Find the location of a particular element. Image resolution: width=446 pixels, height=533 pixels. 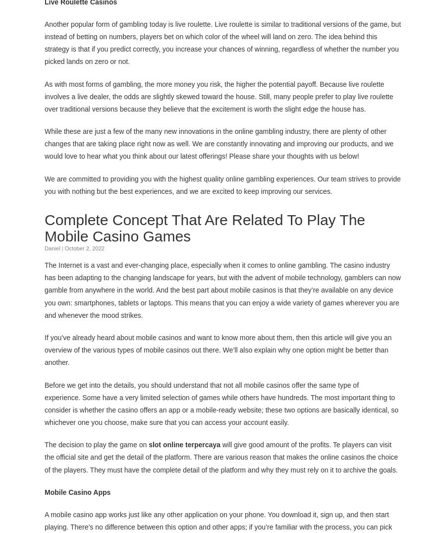

'We are committed to providing you with the highest quality online gambling experiences. Our team strives to provide you with nothing but the best experiences, and we are excited to keep improving our services.' is located at coordinates (223, 184).